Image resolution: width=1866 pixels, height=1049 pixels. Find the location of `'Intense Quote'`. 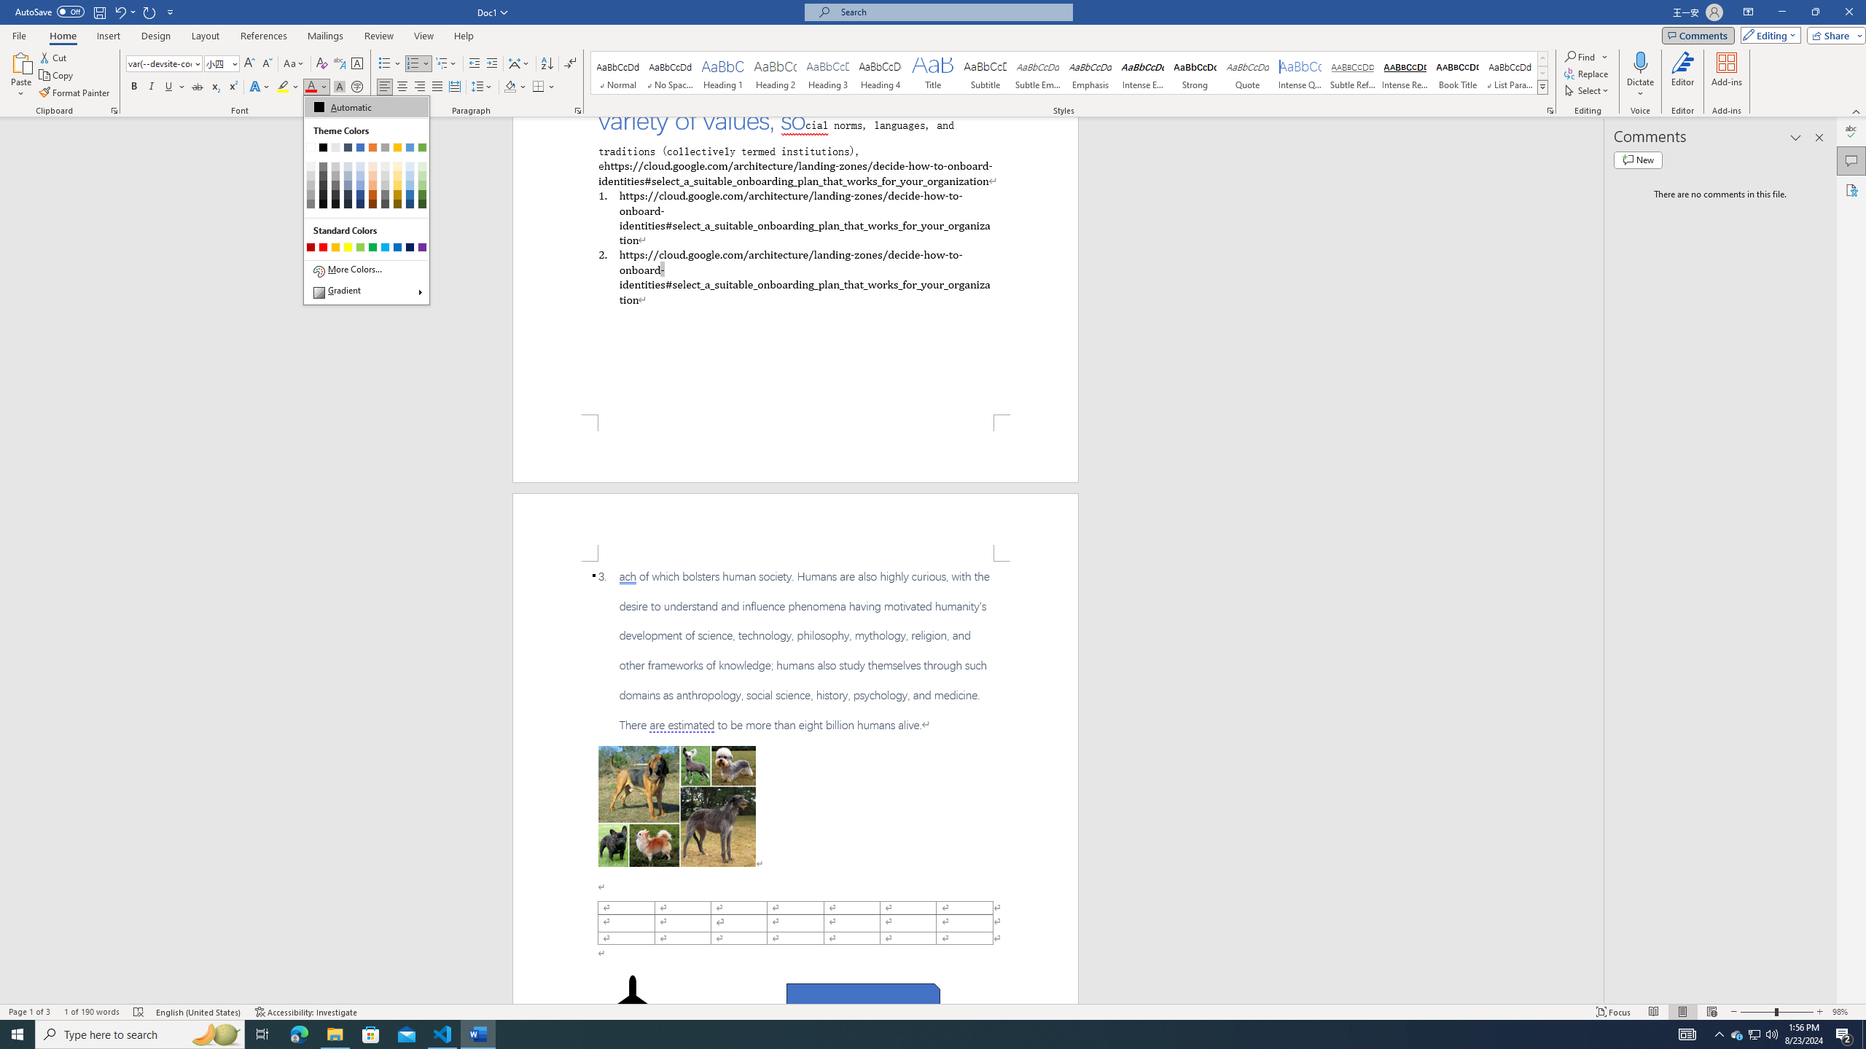

'Intense Quote' is located at coordinates (1300, 72).